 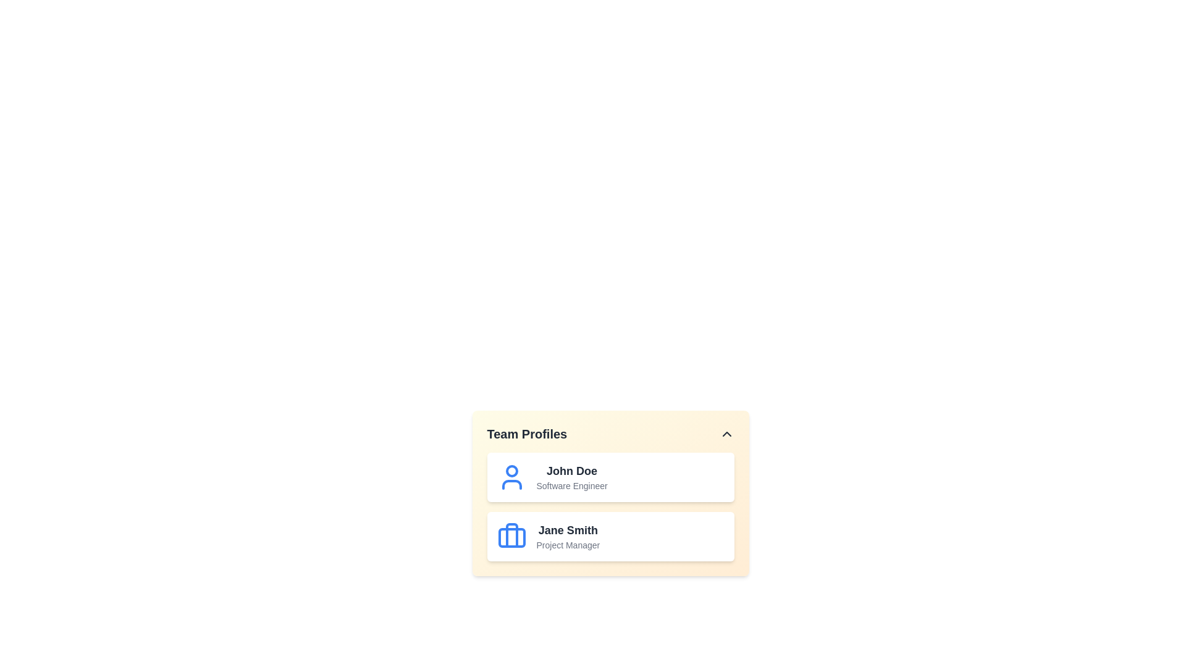 What do you see at coordinates (571, 485) in the screenshot?
I see `the text label displaying 'Software Engineer', which is a small gray font positioned below the name 'John Doe'` at bounding box center [571, 485].